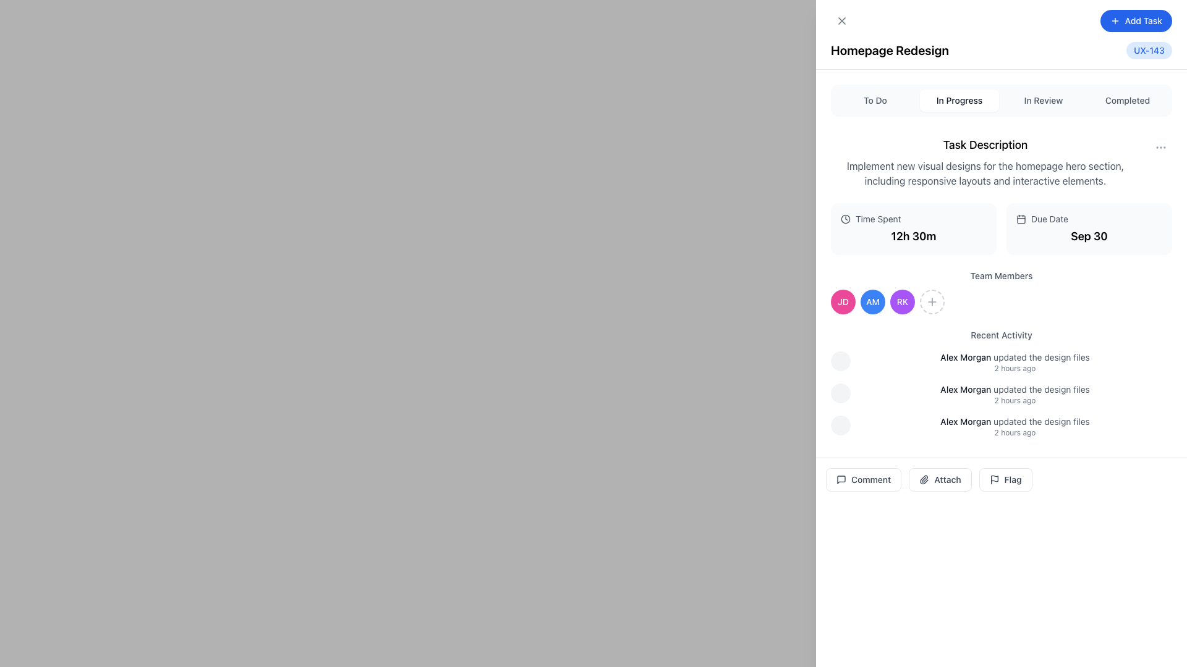 The width and height of the screenshot is (1187, 667). I want to click on the middle List item in the activity feed, so click(1002, 395).